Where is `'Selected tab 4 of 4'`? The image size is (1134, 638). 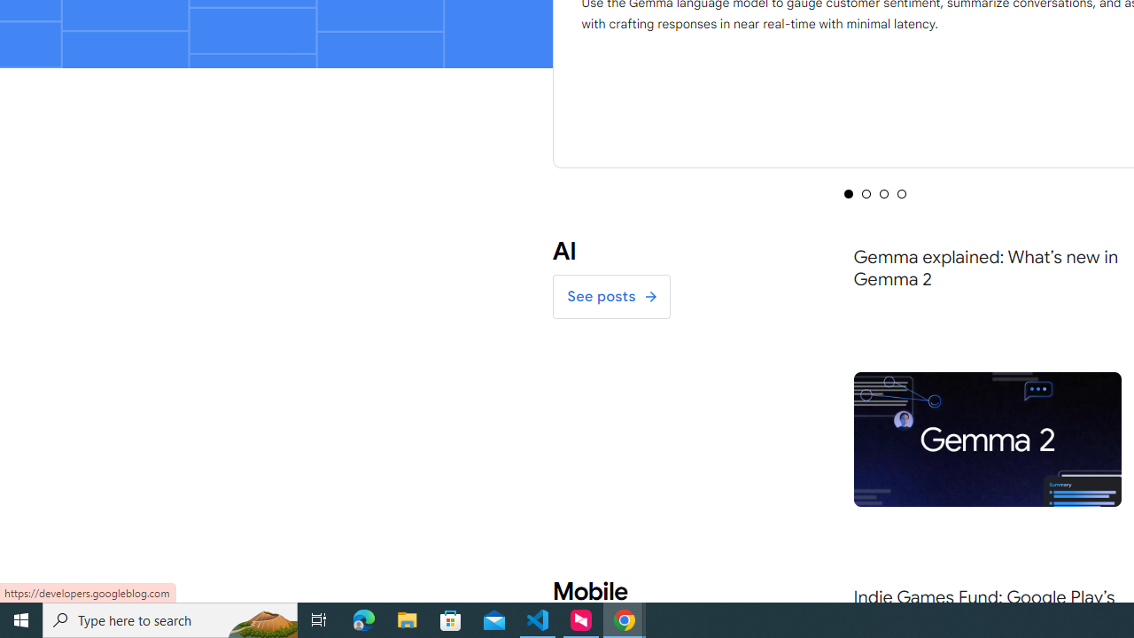
'Selected tab 4 of 4' is located at coordinates (902, 193).